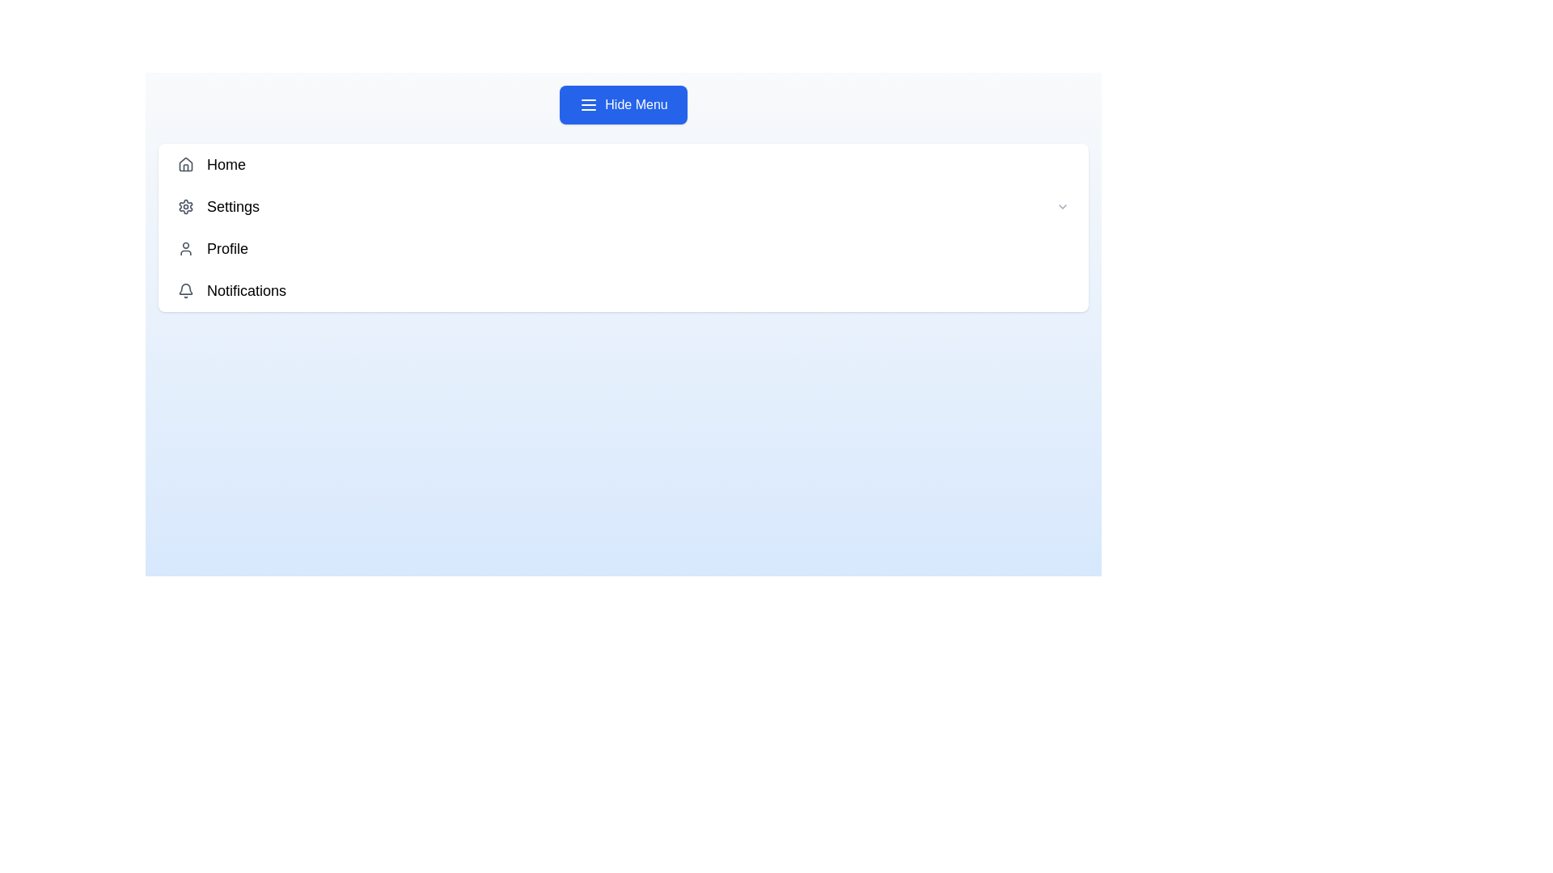 This screenshot has height=873, width=1553. Describe the element at coordinates (186, 288) in the screenshot. I see `the visual state of the notification icon located in the bottom right corner of the navigation menu, below 'Settings' and 'Profile', adjacent to the 'Notifications' label` at that location.